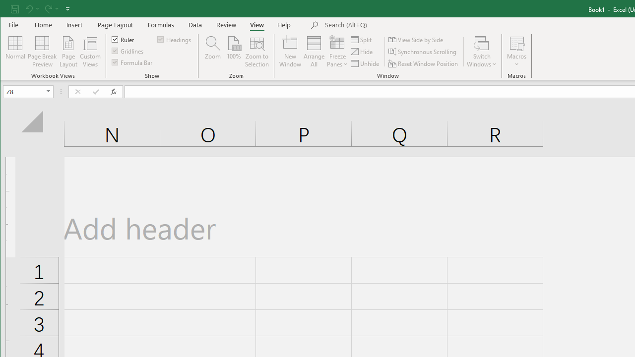 The width and height of the screenshot is (635, 357). I want to click on 'Custom Views...', so click(90, 52).